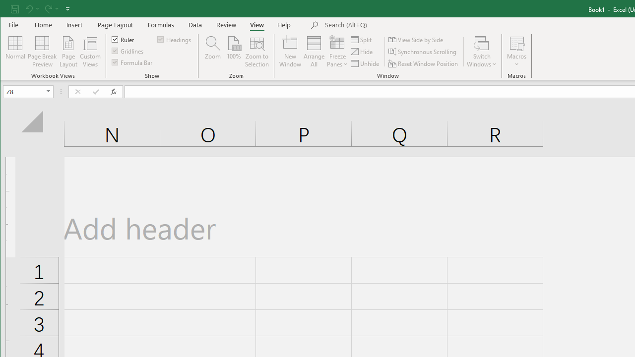 The width and height of the screenshot is (635, 357). I want to click on 'Custom Views...', so click(90, 52).